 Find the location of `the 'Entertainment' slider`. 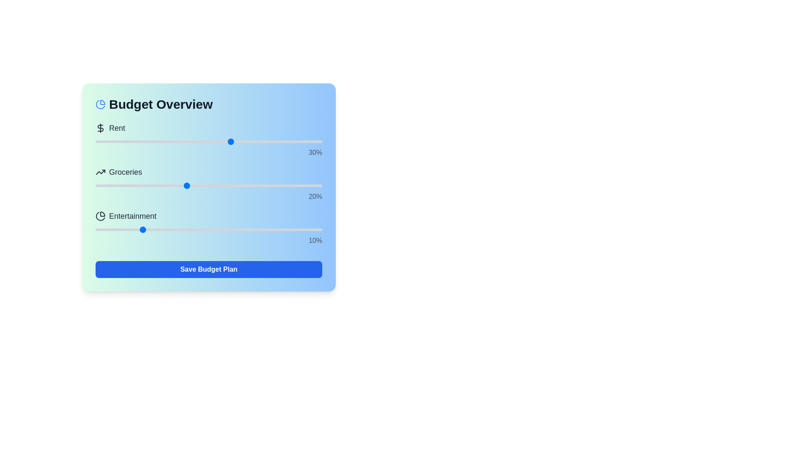

the 'Entertainment' slider is located at coordinates (172, 230).